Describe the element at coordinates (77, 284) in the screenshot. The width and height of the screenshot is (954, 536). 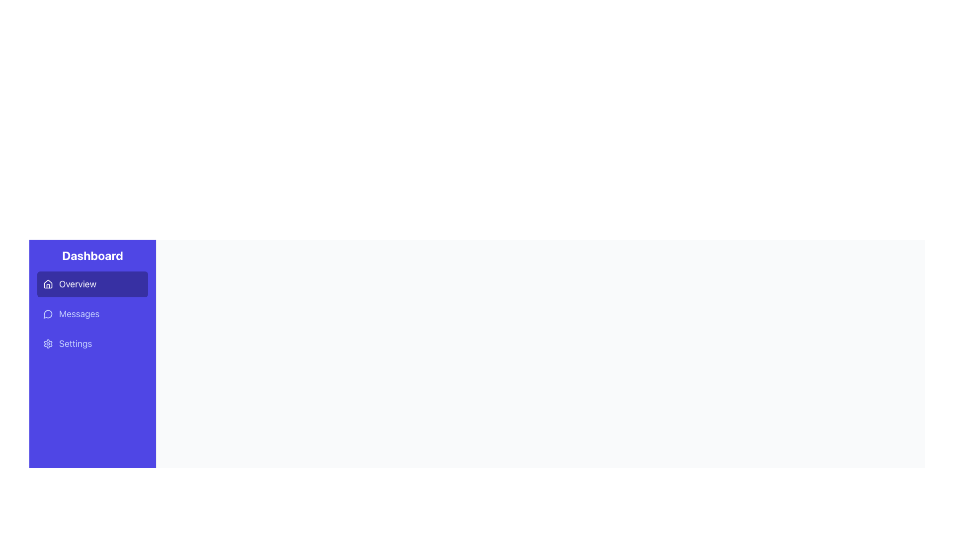
I see `the 'Overview' text label located in the left-hand sidebar under the 'Dashboard' heading, which is aligned horizontally with the house icon` at that location.